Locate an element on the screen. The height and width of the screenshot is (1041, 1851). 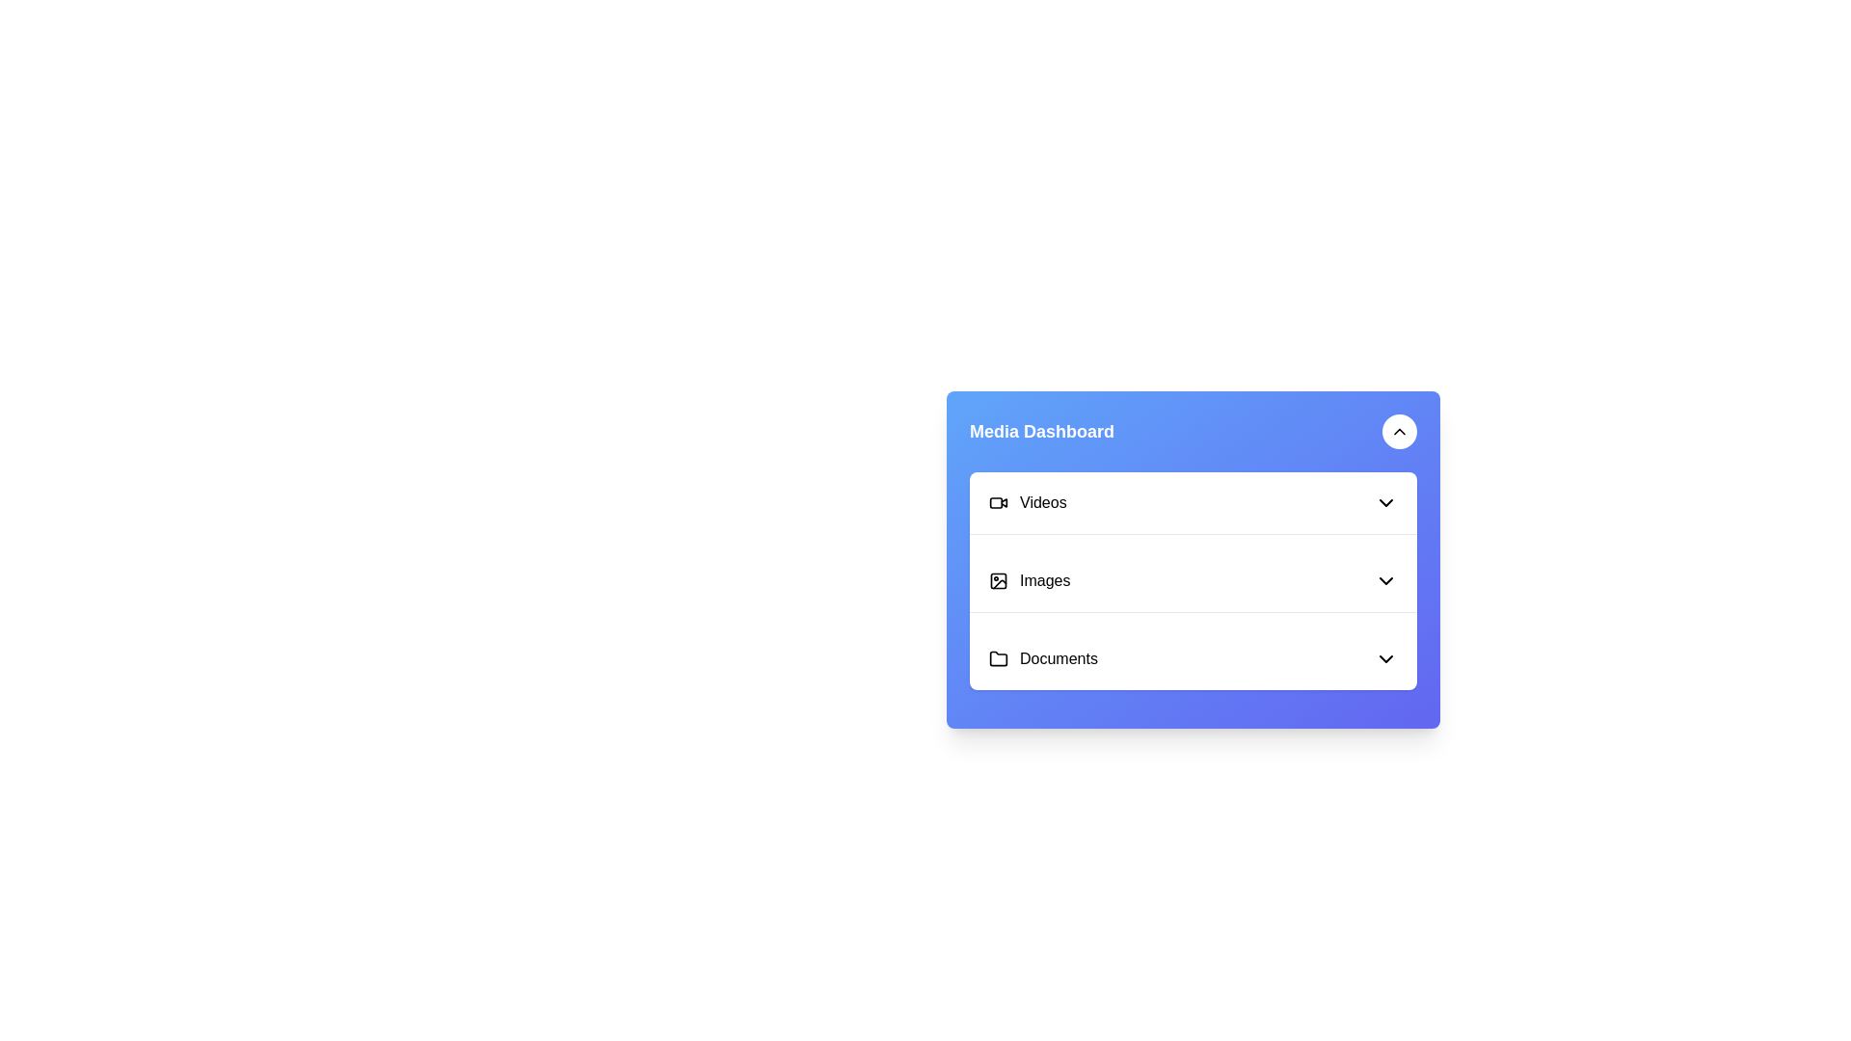
the 'Documents' icon located to the left of the text 'Documents' in the third row of the vertical list within the 'Media Dashboard' card component is located at coordinates (999, 657).